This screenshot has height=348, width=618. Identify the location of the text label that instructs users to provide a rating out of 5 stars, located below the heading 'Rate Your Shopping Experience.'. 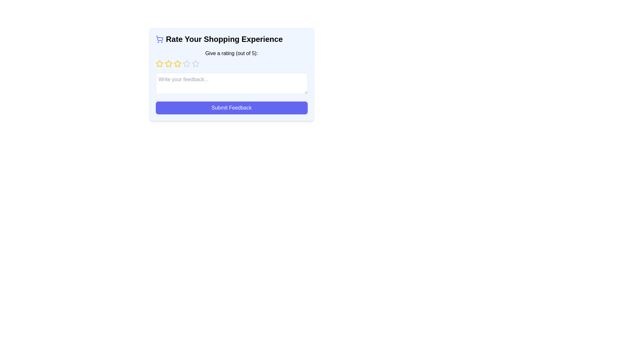
(231, 53).